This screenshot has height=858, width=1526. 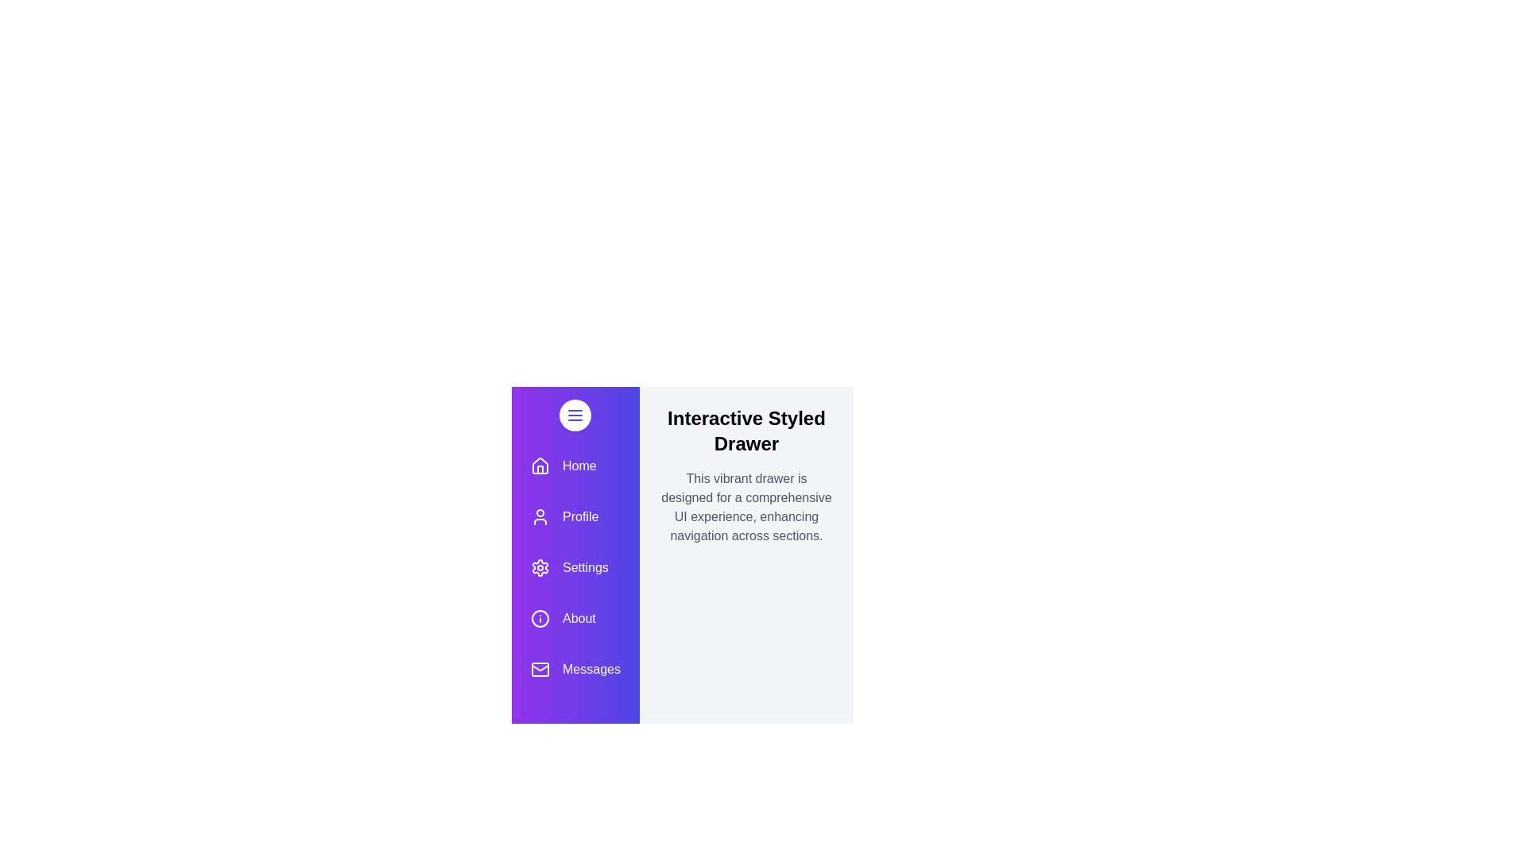 I want to click on the menu item labeled Messages, so click(x=575, y=670).